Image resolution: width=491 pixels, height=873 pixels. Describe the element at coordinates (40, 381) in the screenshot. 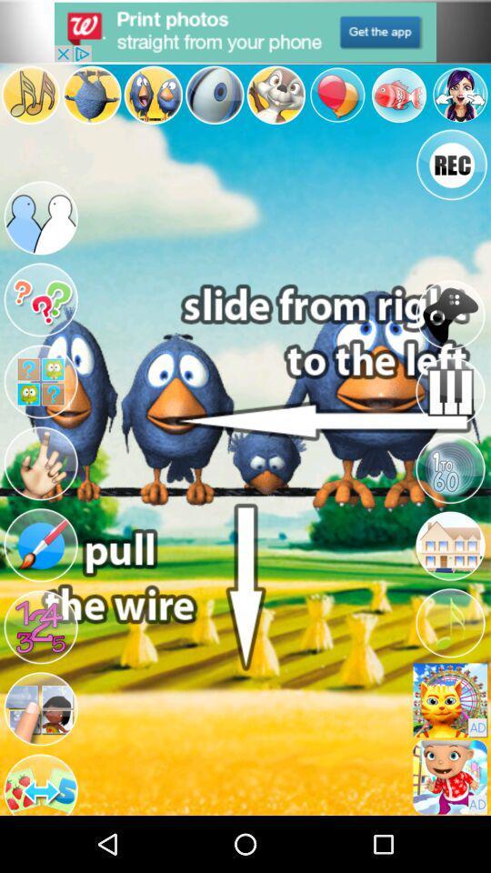

I see `open matching game` at that location.